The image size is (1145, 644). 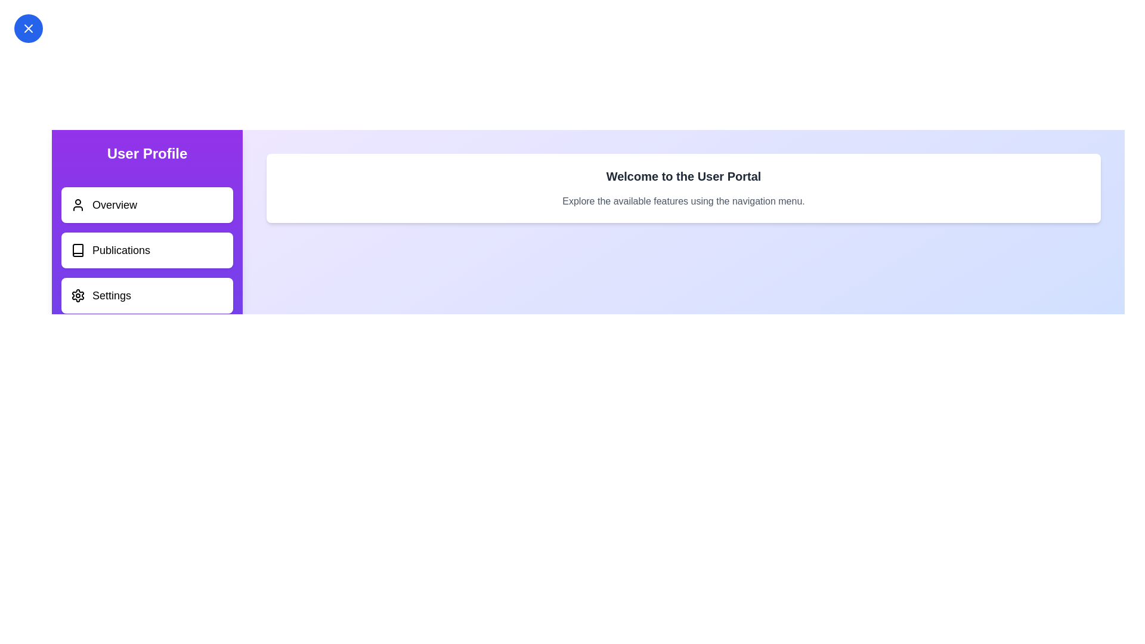 What do you see at coordinates (146, 204) in the screenshot?
I see `the Overview menu item to navigate to the respective section` at bounding box center [146, 204].